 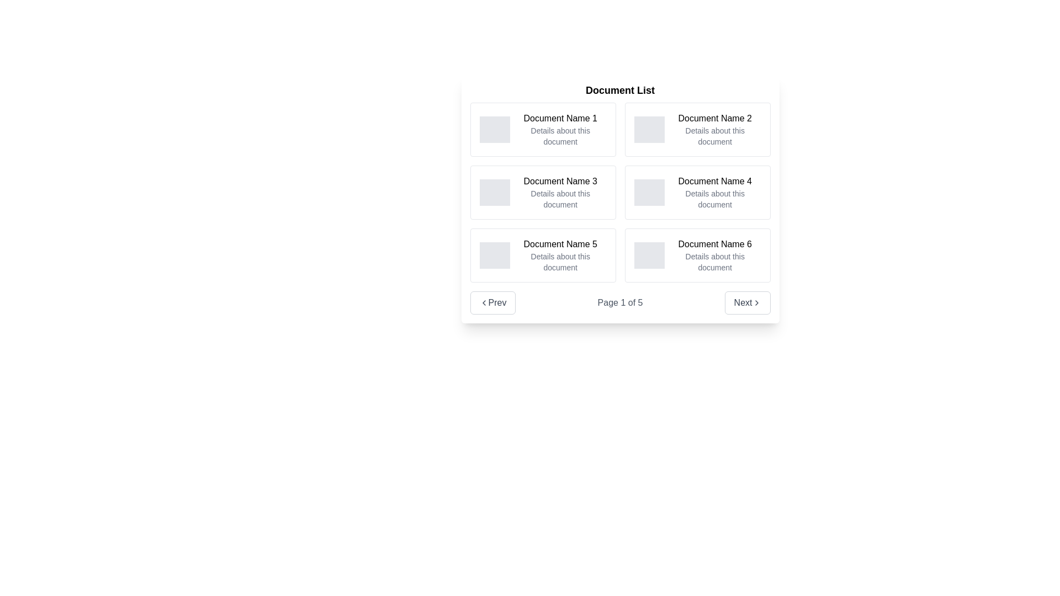 I want to click on the text display containing 'Document Name 4' and 'Details about this document', which is the second item in the second row of the 'Document List' component, so click(x=715, y=191).